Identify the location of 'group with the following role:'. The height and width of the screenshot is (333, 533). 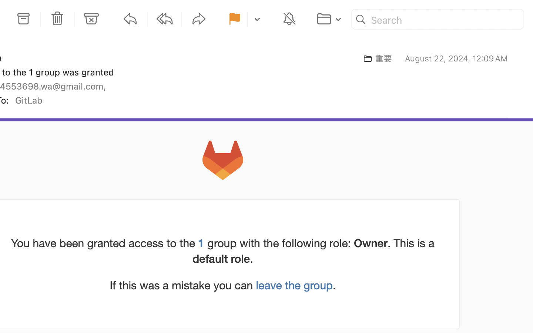
(279, 243).